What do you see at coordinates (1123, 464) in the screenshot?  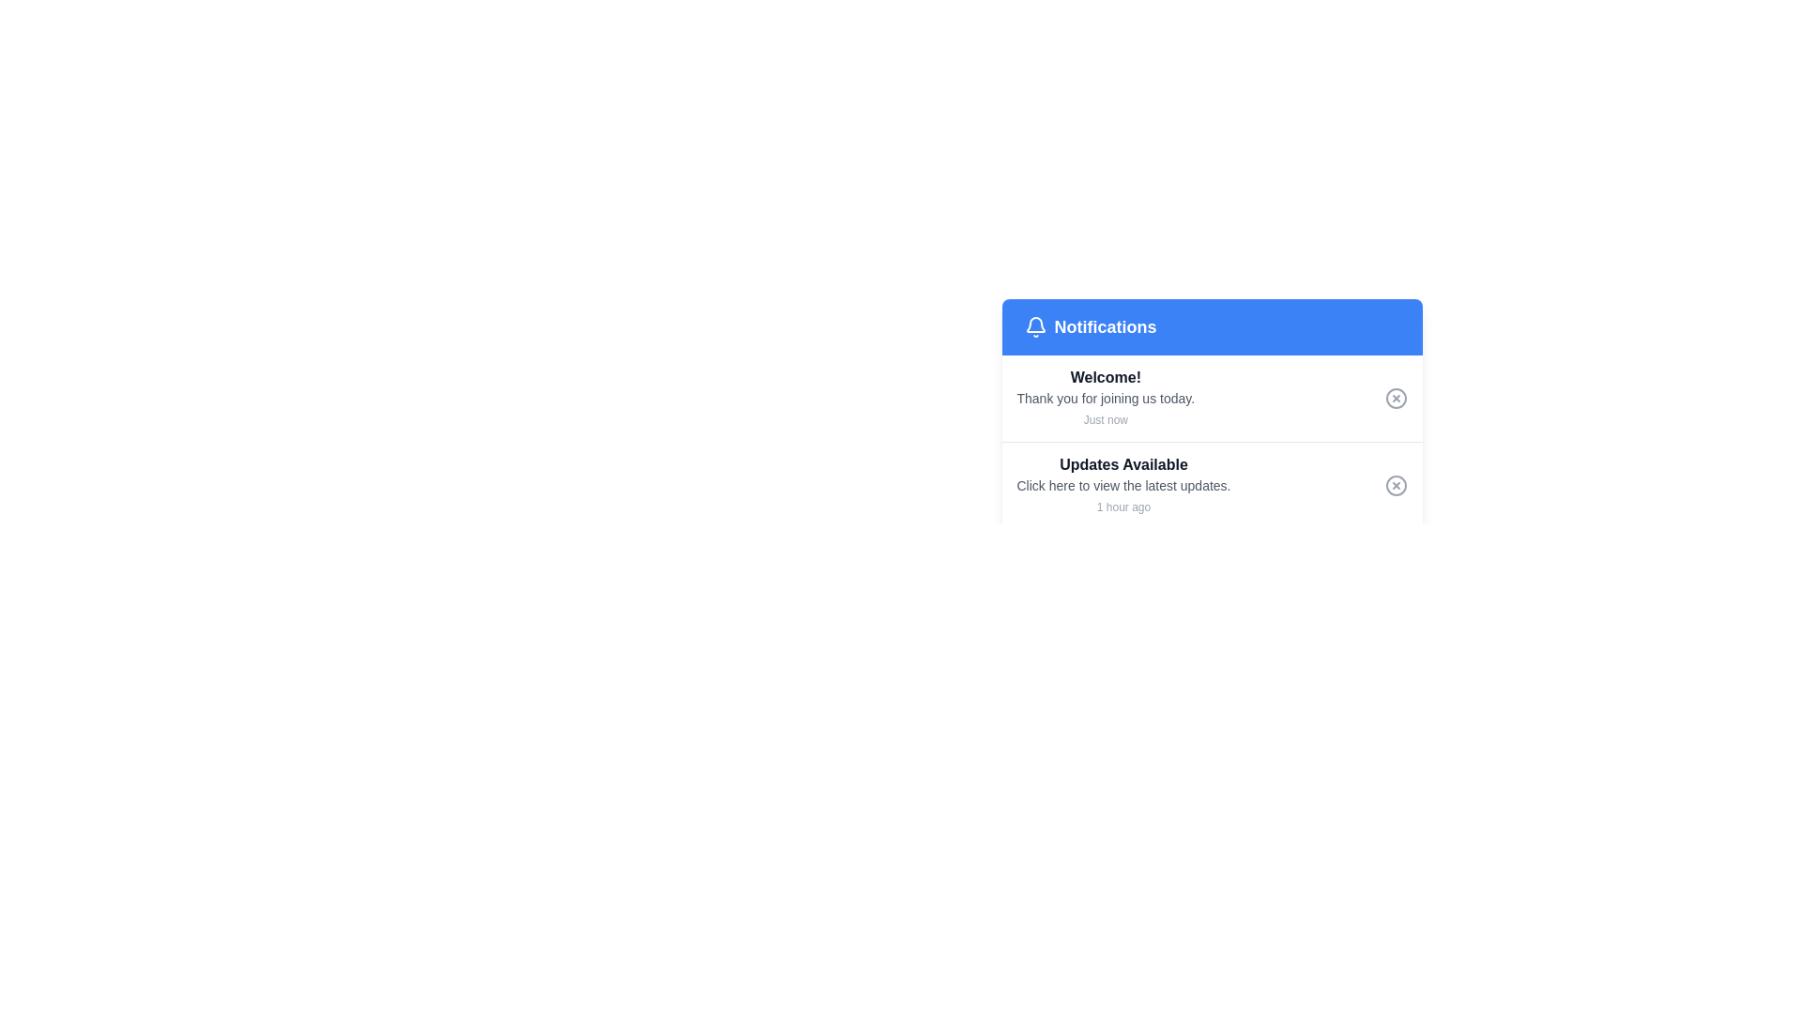 I see `bold text label that reads 'Updates Available', styled in dark gray, located in the notification list under 'Notifications'` at bounding box center [1123, 464].